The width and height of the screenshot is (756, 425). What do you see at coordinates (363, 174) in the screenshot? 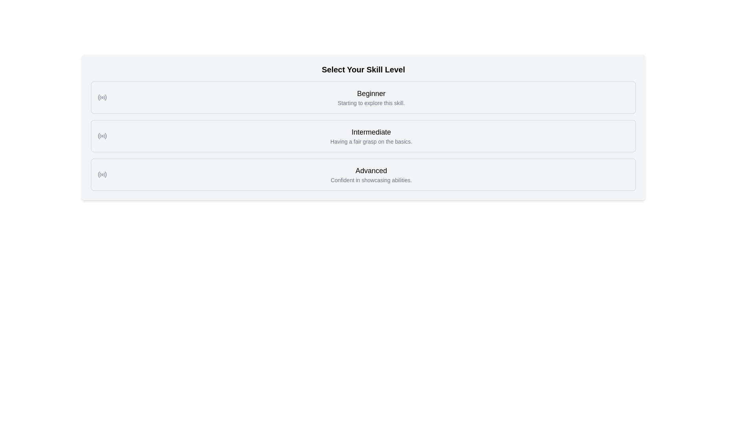
I see `the selectable option labeled 'Advanced' which features a grey radio button icon and the text 'Confident in showcasing abilities.'` at bounding box center [363, 174].